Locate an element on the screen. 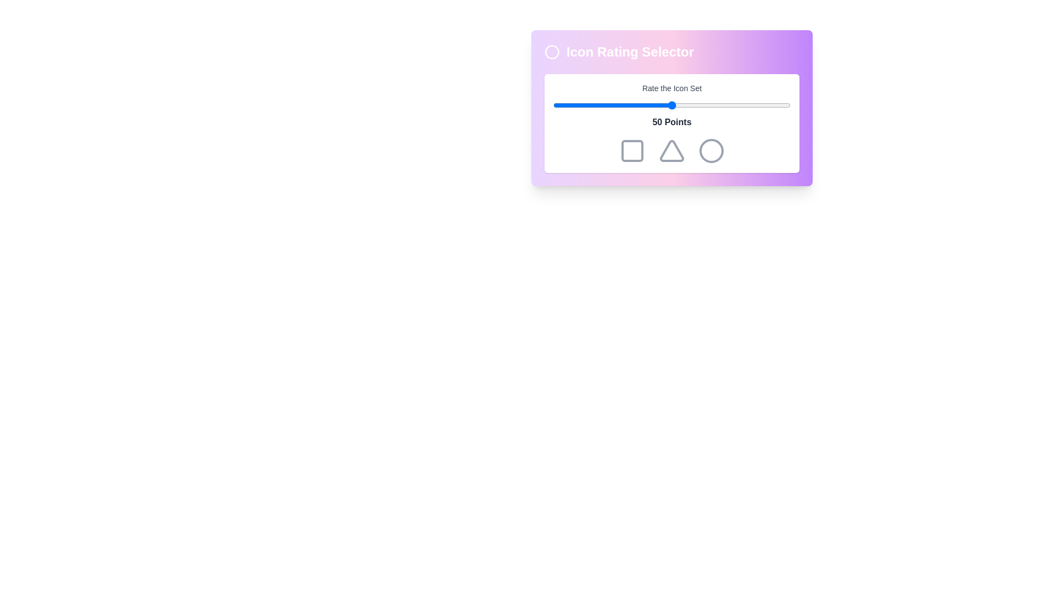 This screenshot has width=1055, height=593. the rating to 87 by moving the slider is located at coordinates (759, 105).